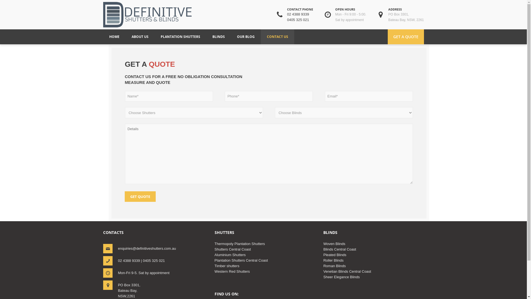 This screenshot has width=531, height=299. What do you see at coordinates (387, 37) in the screenshot?
I see `'GET A QUOTE'` at bounding box center [387, 37].